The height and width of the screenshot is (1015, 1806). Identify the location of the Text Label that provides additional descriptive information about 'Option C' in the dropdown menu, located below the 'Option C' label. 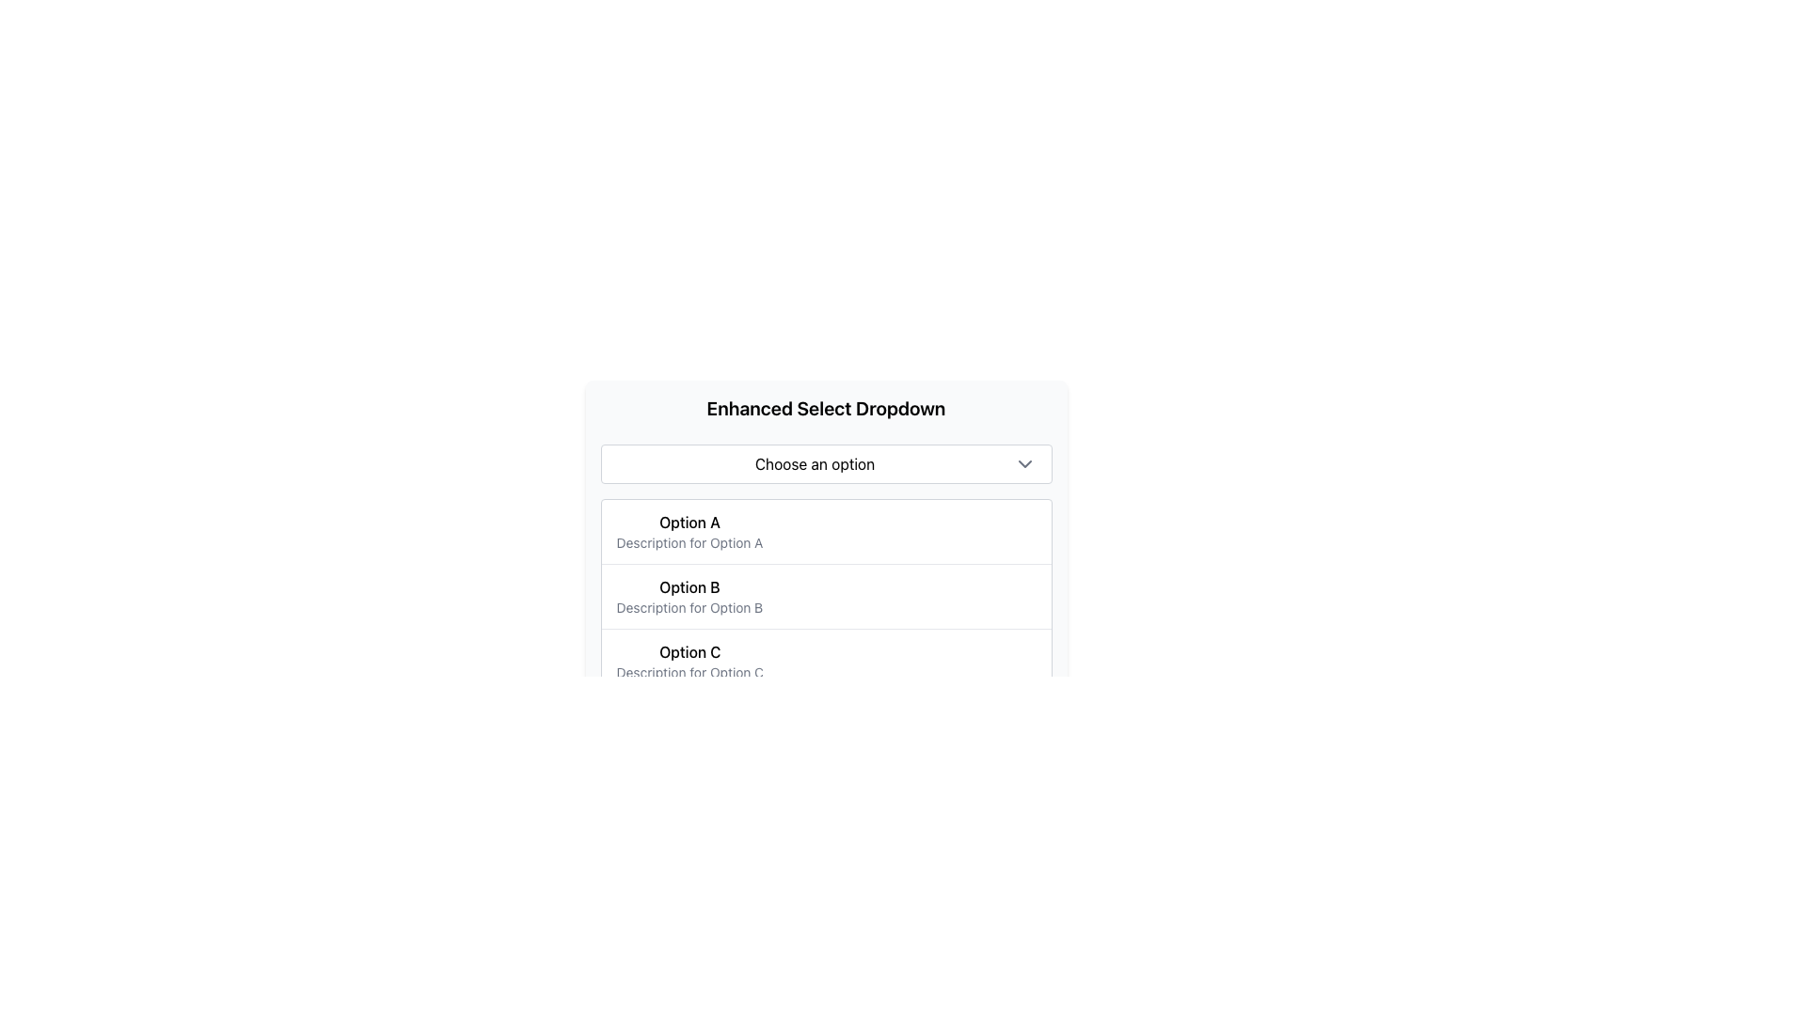
(689, 672).